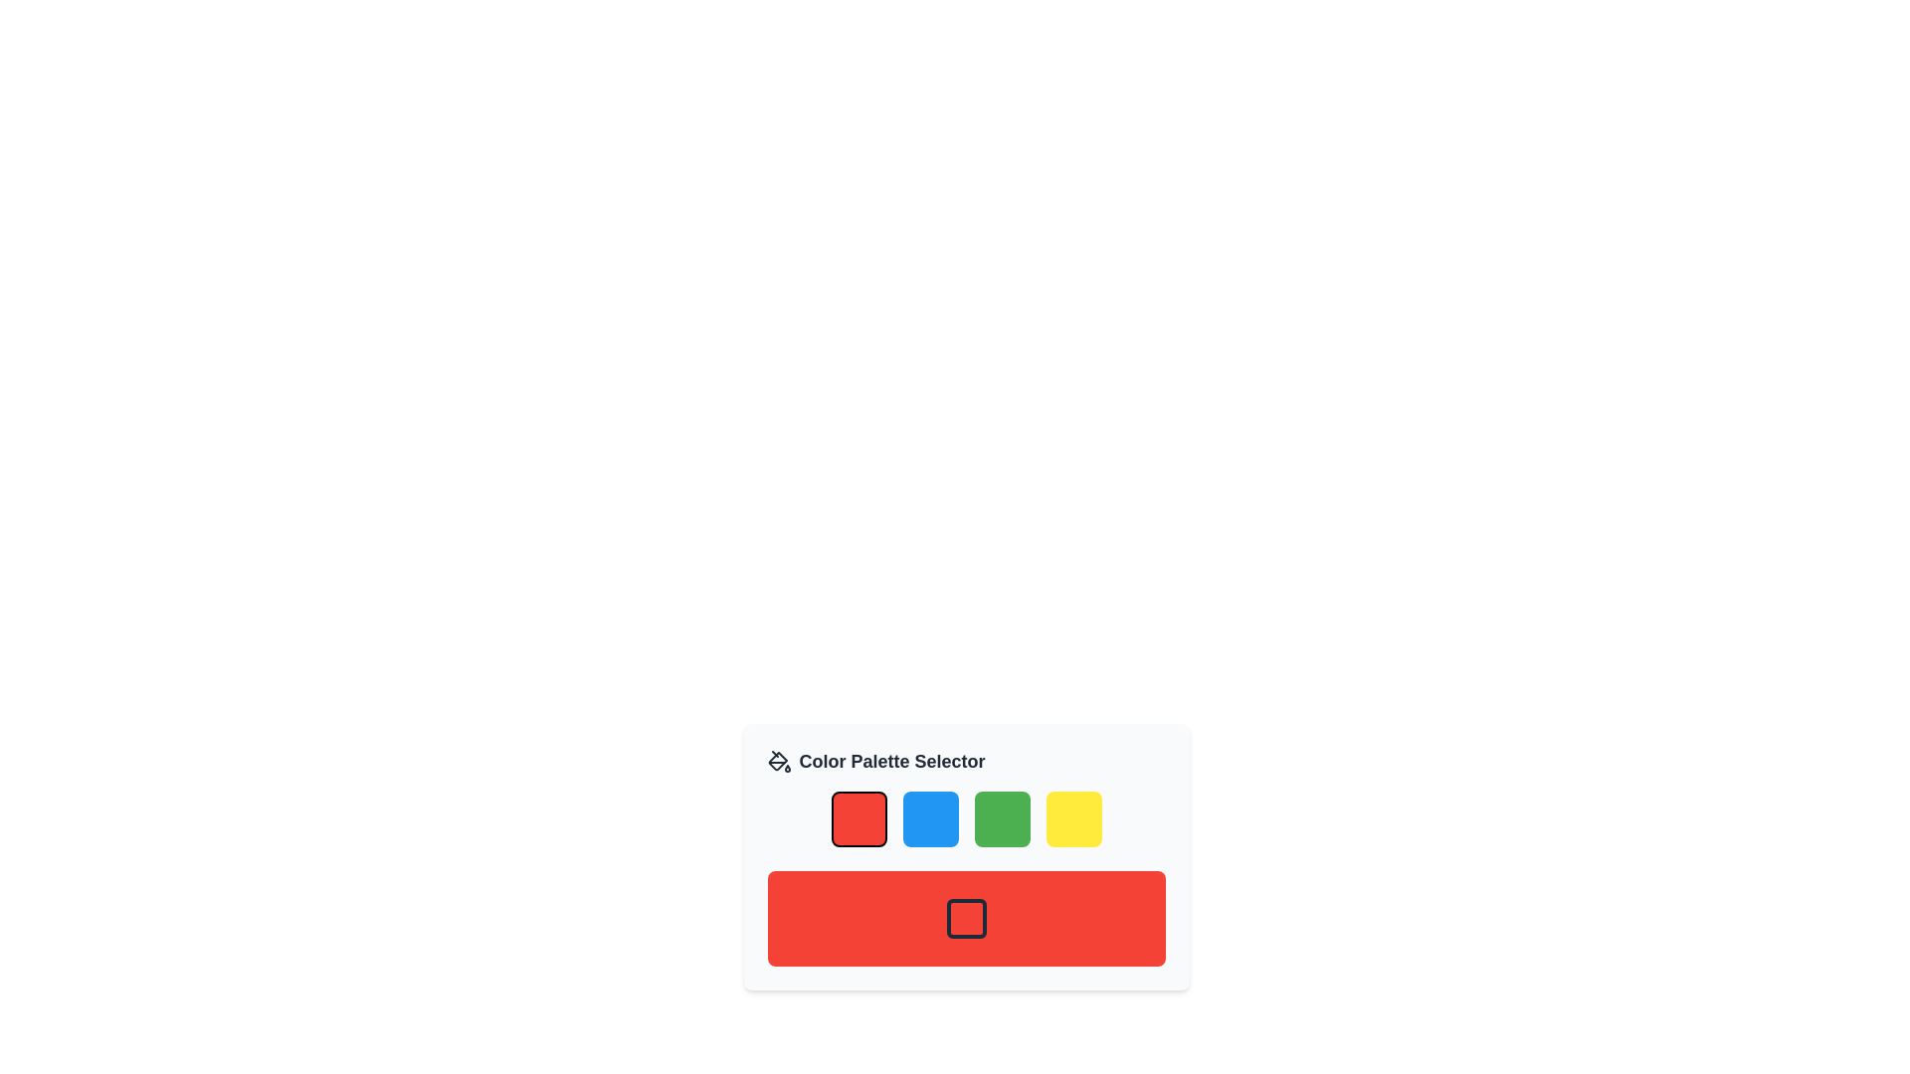  I want to click on the blue color option button in the color palette selector interface to trigger hover effects, so click(929, 819).